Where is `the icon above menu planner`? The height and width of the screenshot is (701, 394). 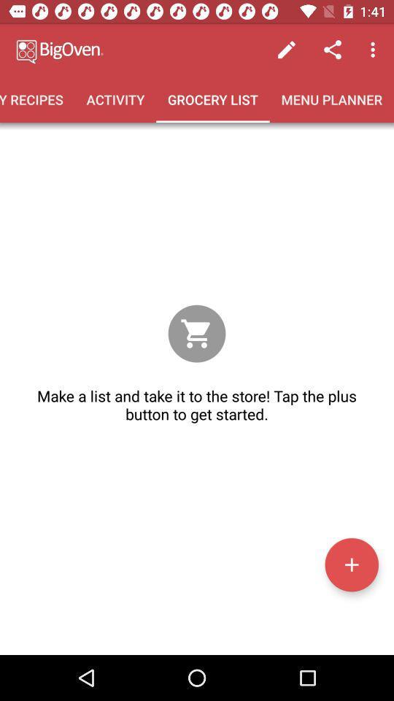 the icon above menu planner is located at coordinates (287, 50).